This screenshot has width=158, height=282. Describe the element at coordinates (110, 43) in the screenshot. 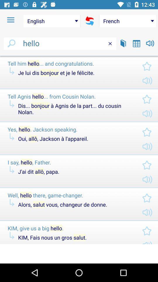

I see `switch close option` at that location.